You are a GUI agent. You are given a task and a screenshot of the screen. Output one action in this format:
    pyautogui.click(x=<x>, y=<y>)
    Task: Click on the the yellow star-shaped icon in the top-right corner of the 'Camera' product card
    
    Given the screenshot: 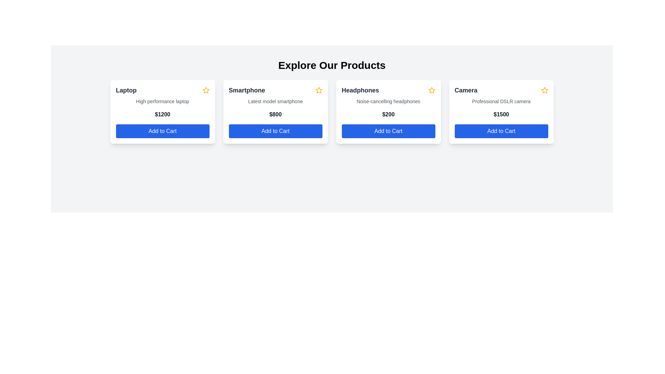 What is the action you would take?
    pyautogui.click(x=544, y=90)
    